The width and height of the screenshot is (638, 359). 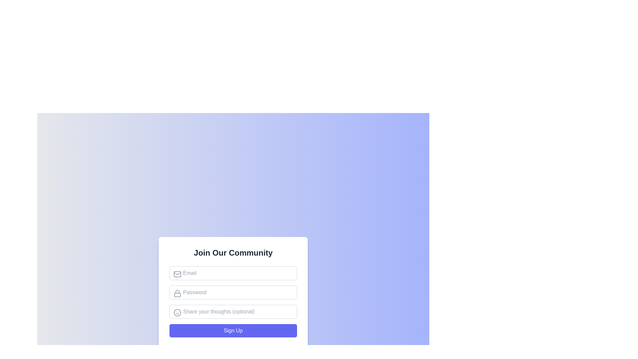 What do you see at coordinates (233, 311) in the screenshot?
I see `the Text input field for optional feedback located between the 'Password' input and the 'Sign Up' button` at bounding box center [233, 311].